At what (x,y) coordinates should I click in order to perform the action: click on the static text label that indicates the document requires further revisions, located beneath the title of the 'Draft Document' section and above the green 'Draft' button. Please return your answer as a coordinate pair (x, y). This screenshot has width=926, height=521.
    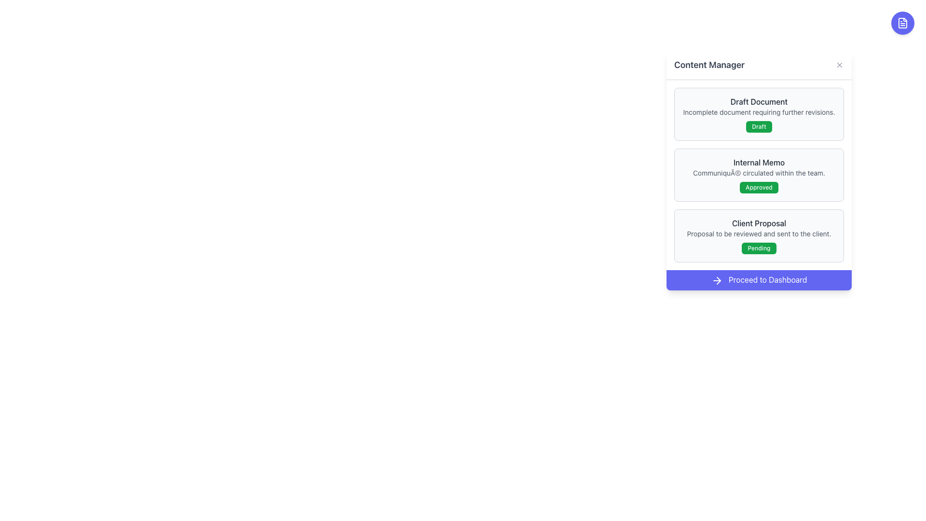
    Looking at the image, I should click on (759, 111).